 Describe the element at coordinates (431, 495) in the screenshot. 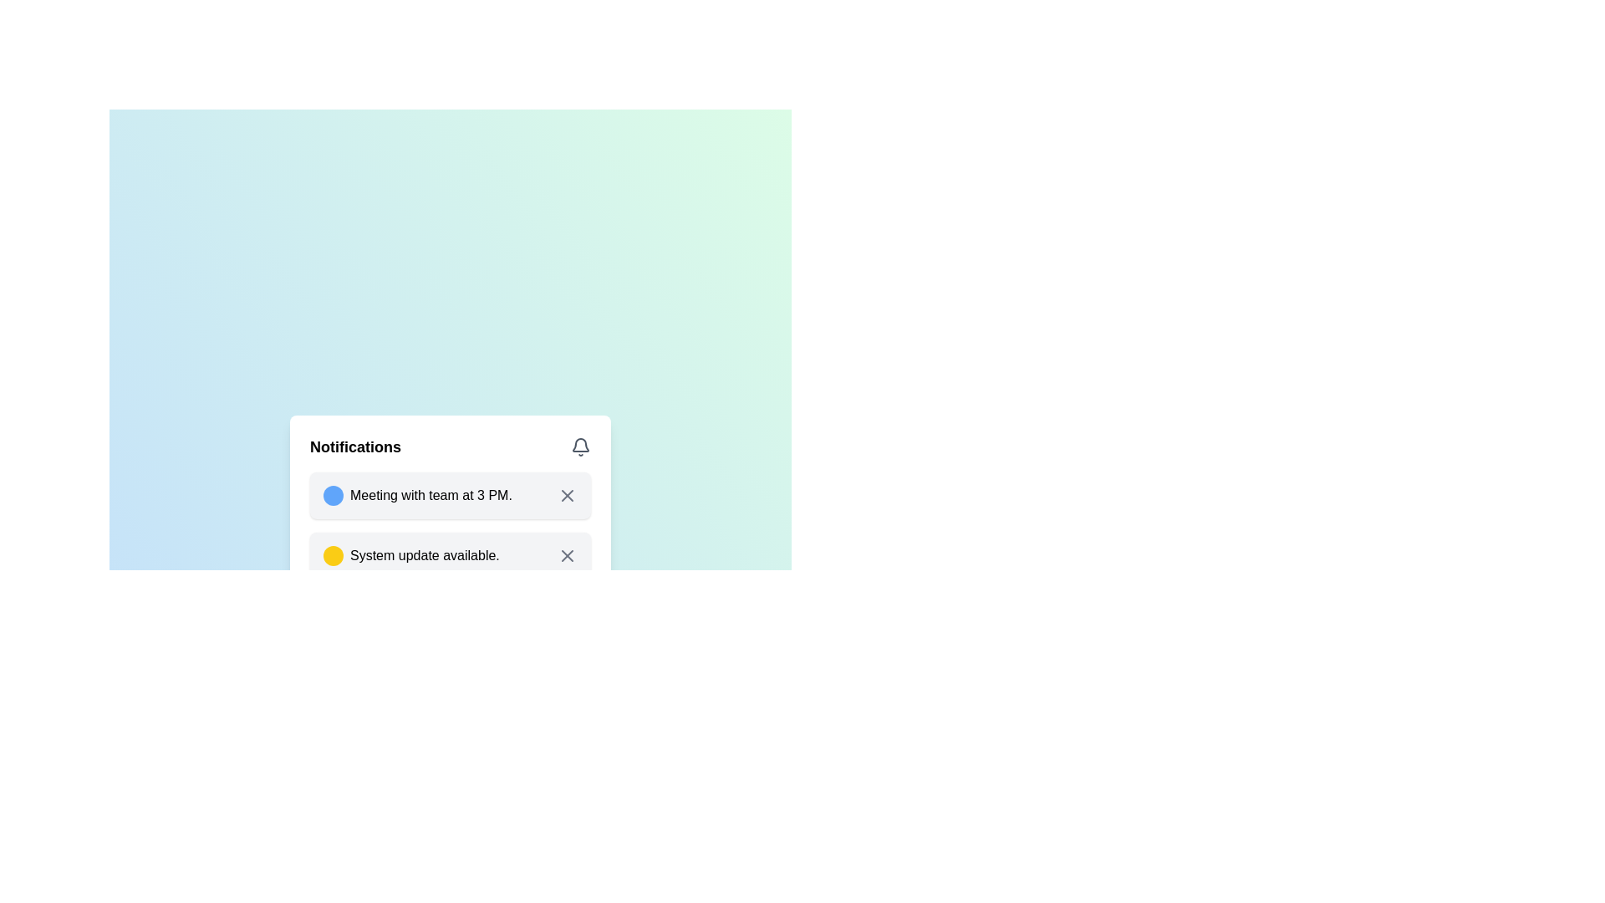

I see `the static text label that displays information about an upcoming meeting in the first notification card` at that location.